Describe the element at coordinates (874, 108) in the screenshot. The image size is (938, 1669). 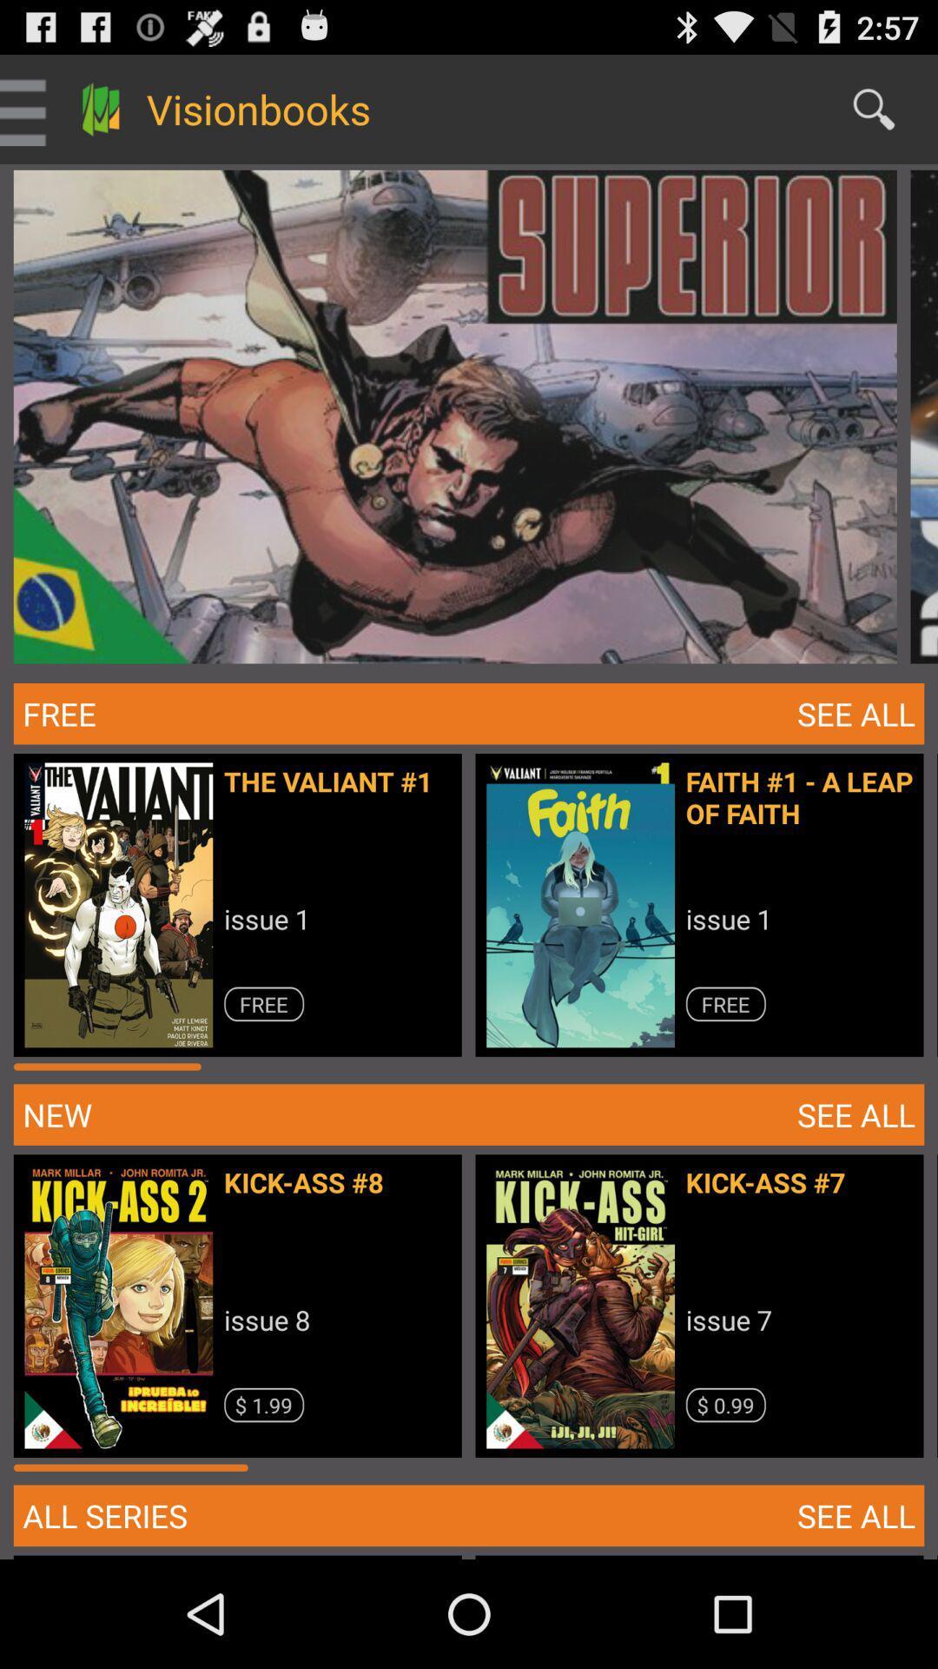
I see `item to the right of visionbooks item` at that location.